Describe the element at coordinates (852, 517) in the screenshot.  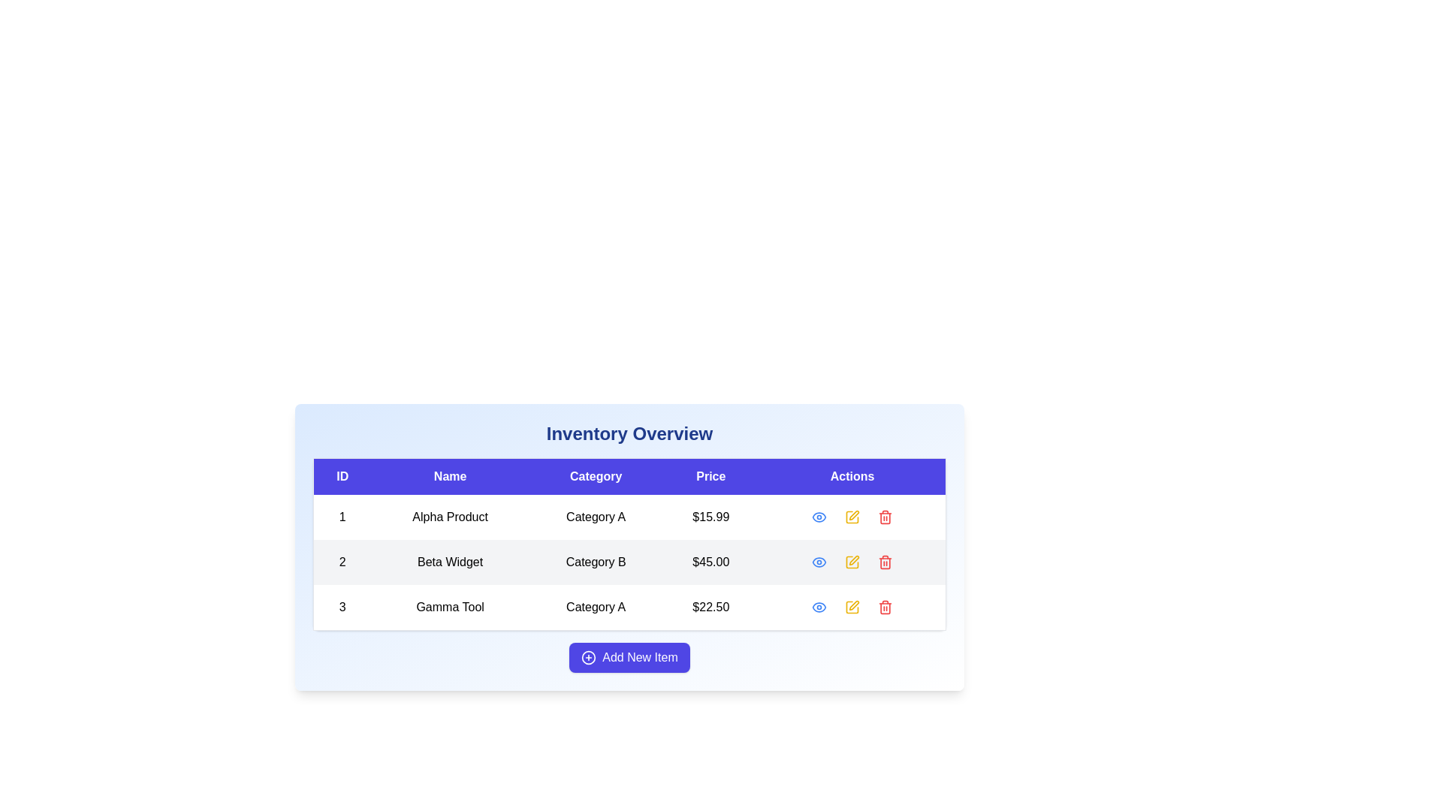
I see `the square outline button in the 'Actions' column of the third row` at that location.